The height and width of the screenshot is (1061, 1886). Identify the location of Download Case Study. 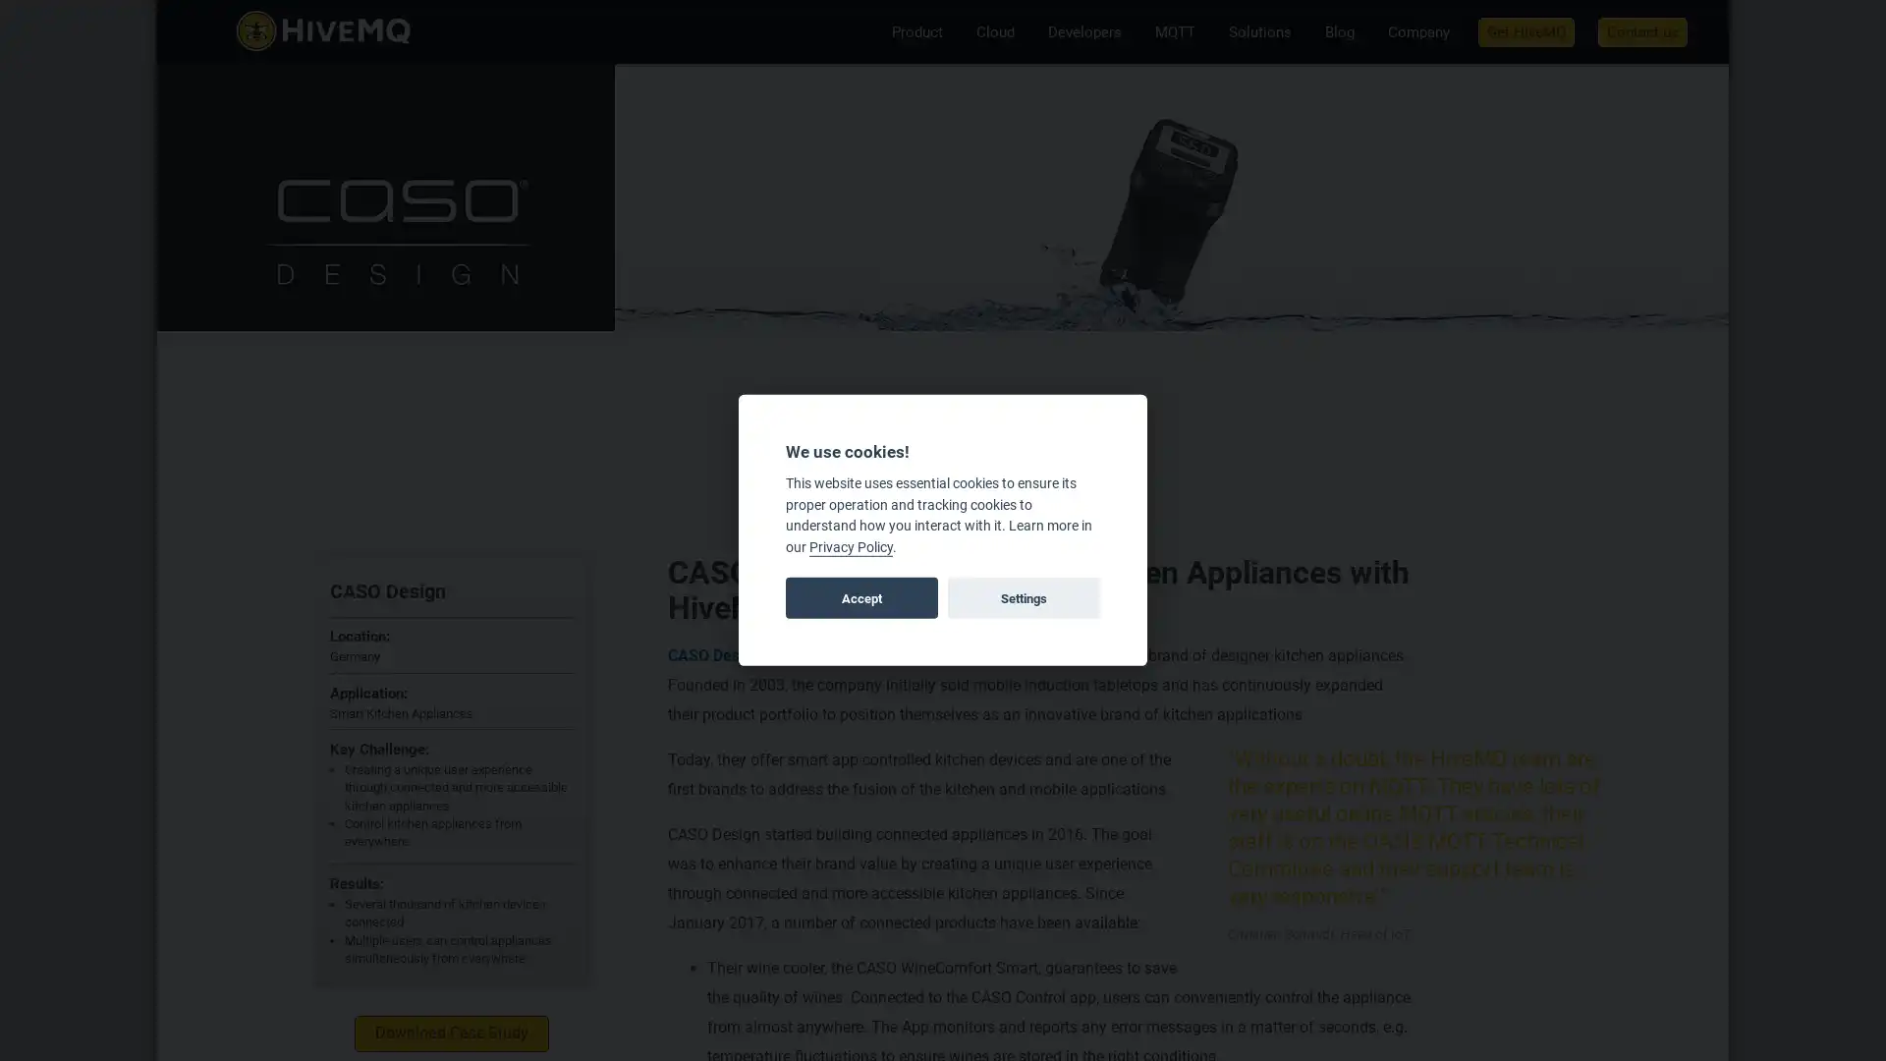
(451, 1033).